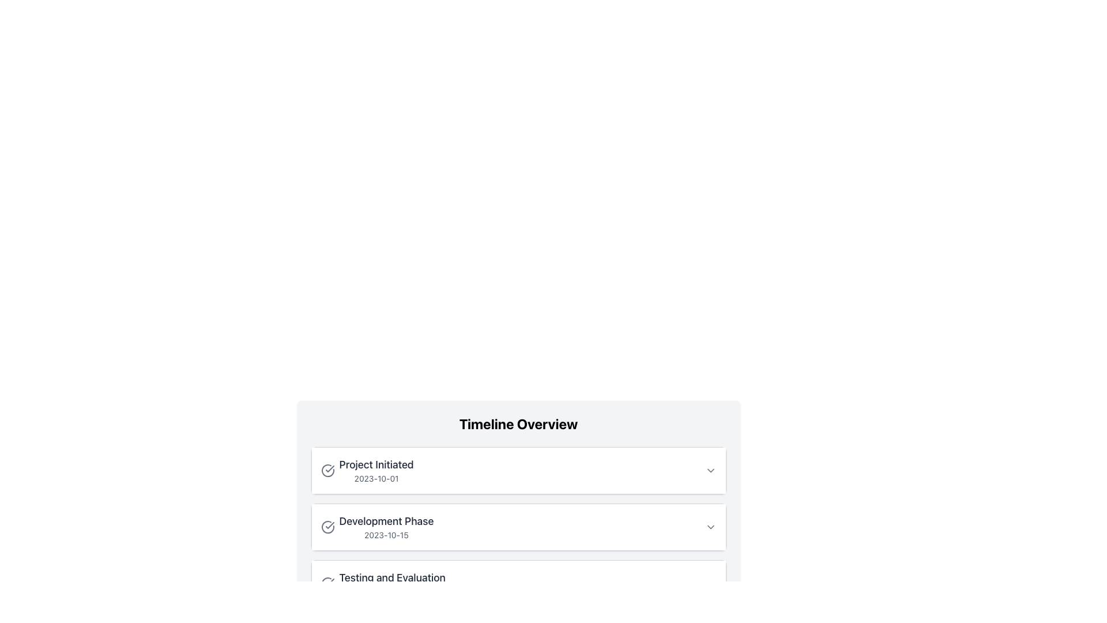 The width and height of the screenshot is (1107, 623). Describe the element at coordinates (710, 471) in the screenshot. I see `the Chevron icon located at the far right of the row labeled 'Project Initiated'` at that location.